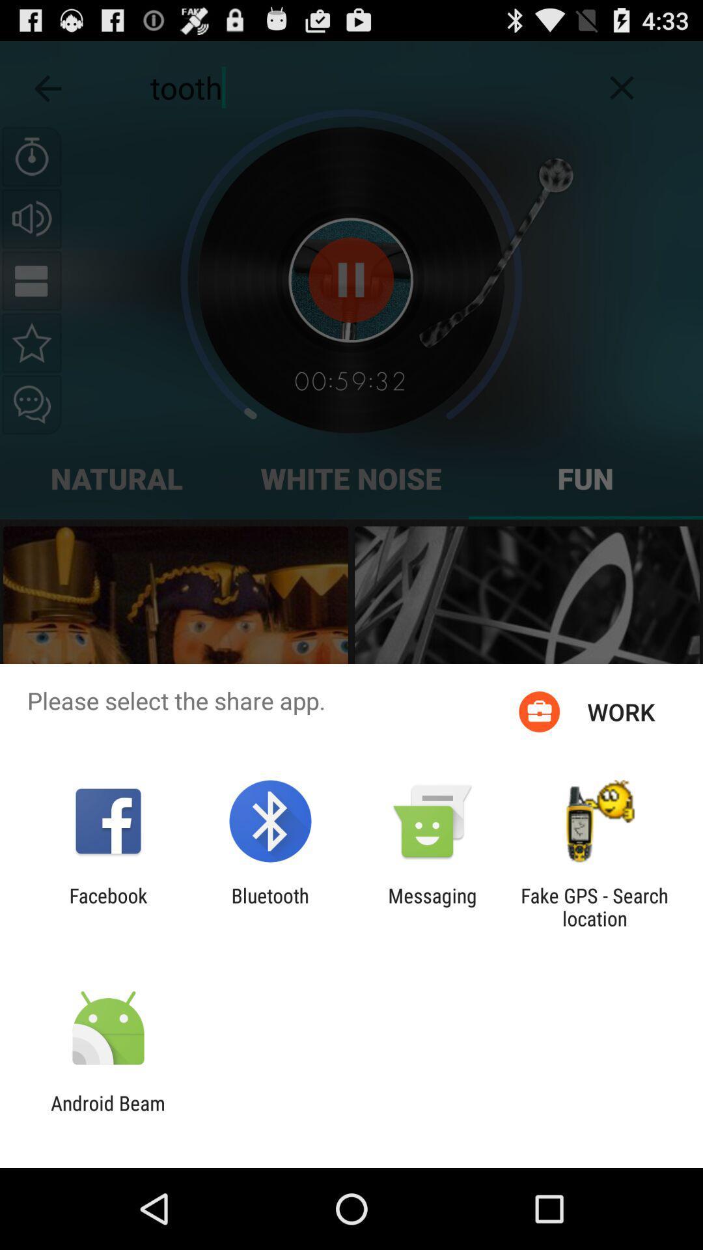 The image size is (703, 1250). What do you see at coordinates (432, 906) in the screenshot?
I see `messaging app` at bounding box center [432, 906].